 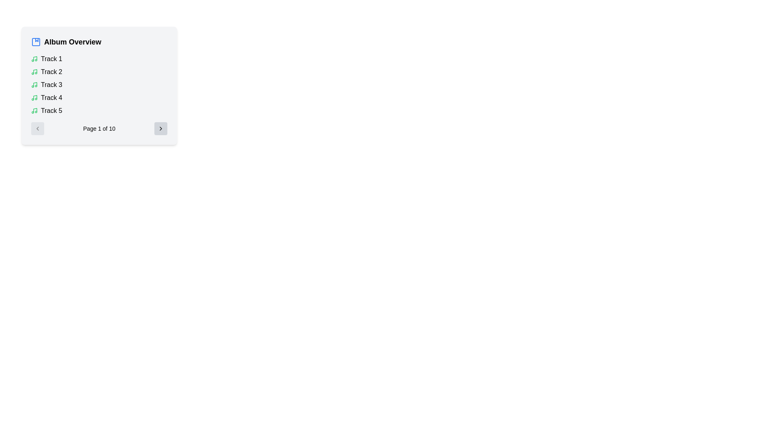 What do you see at coordinates (36, 42) in the screenshot?
I see `the album icon located on the leftmost side of the title section labeled 'Album Overview'` at bounding box center [36, 42].